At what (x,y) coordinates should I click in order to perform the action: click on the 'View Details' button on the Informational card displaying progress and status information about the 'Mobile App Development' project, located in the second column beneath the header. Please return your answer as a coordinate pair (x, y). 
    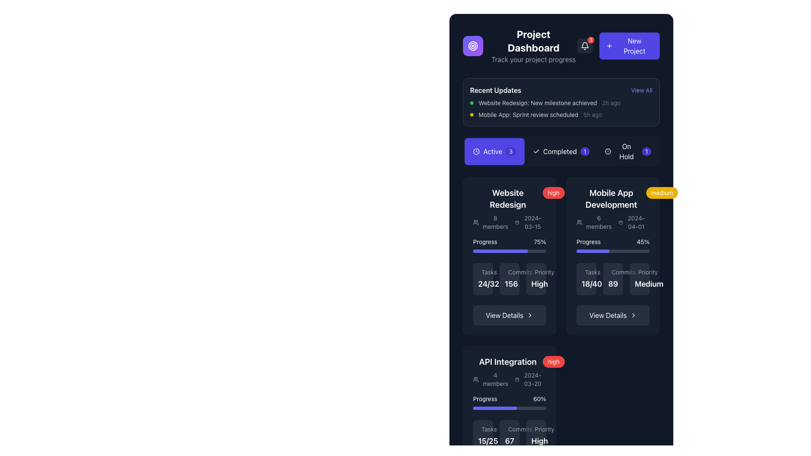
    Looking at the image, I should click on (613, 255).